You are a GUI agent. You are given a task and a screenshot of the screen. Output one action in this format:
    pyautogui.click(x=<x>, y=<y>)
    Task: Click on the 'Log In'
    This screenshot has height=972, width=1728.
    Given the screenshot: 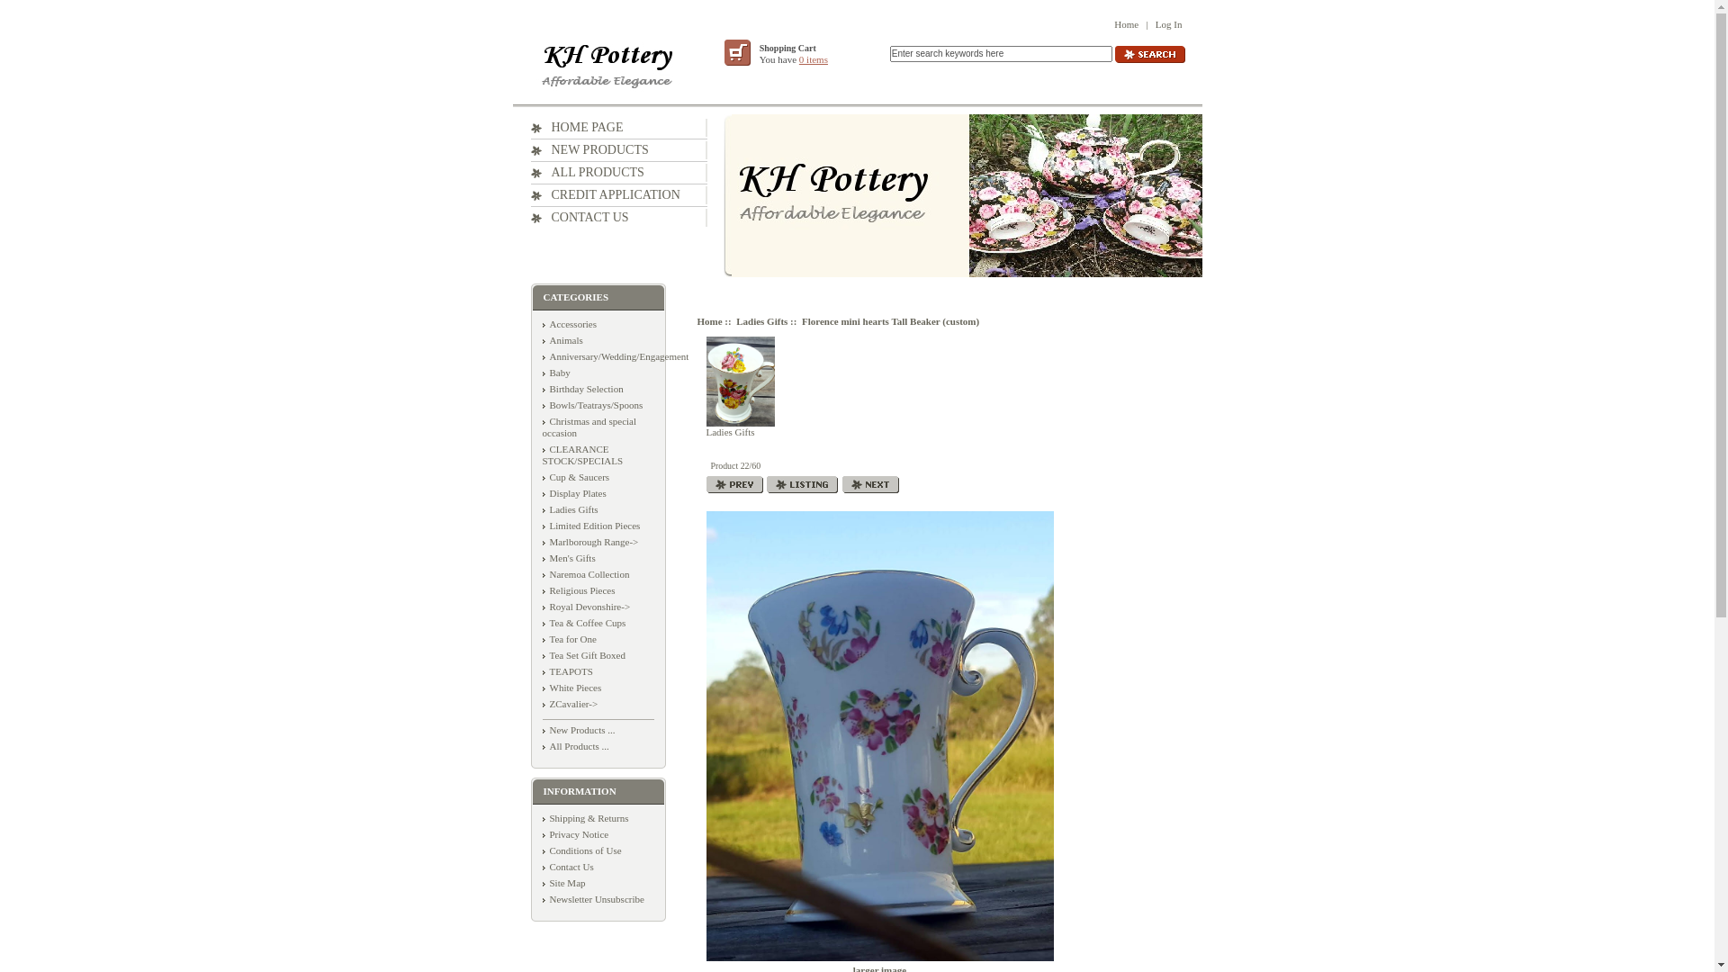 What is the action you would take?
    pyautogui.click(x=1169, y=24)
    